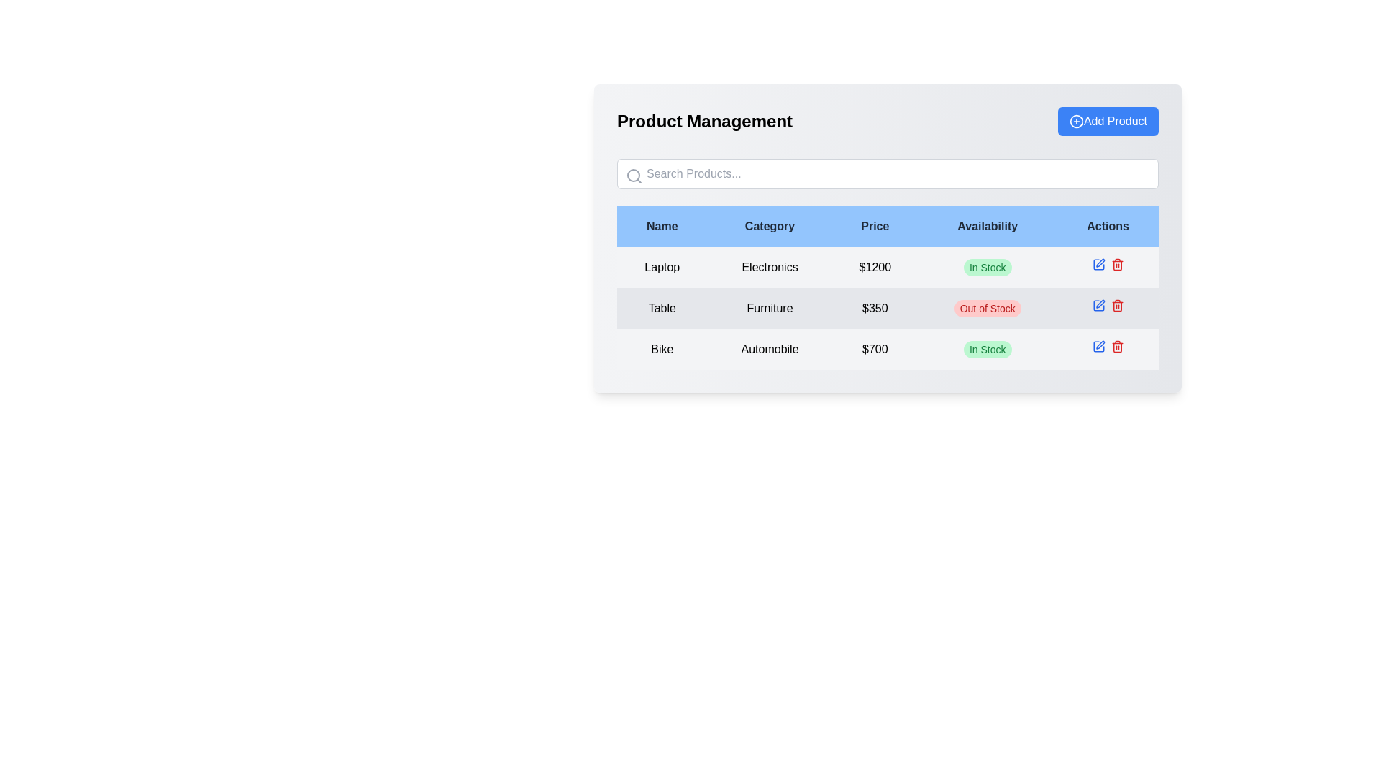 This screenshot has width=1381, height=777. Describe the element at coordinates (1116, 304) in the screenshot. I see `the red trash bin icon in the 'Actions' column` at that location.